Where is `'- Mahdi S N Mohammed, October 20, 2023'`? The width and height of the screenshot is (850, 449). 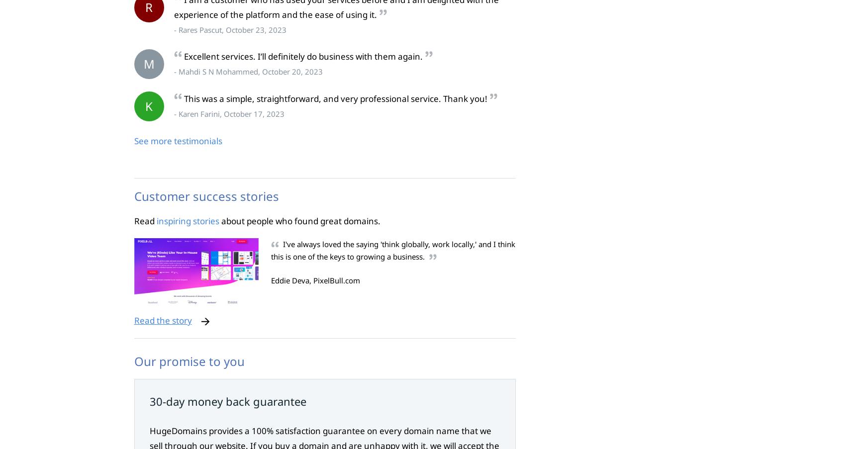
'- Mahdi S N Mohammed, October 20, 2023' is located at coordinates (247, 71).